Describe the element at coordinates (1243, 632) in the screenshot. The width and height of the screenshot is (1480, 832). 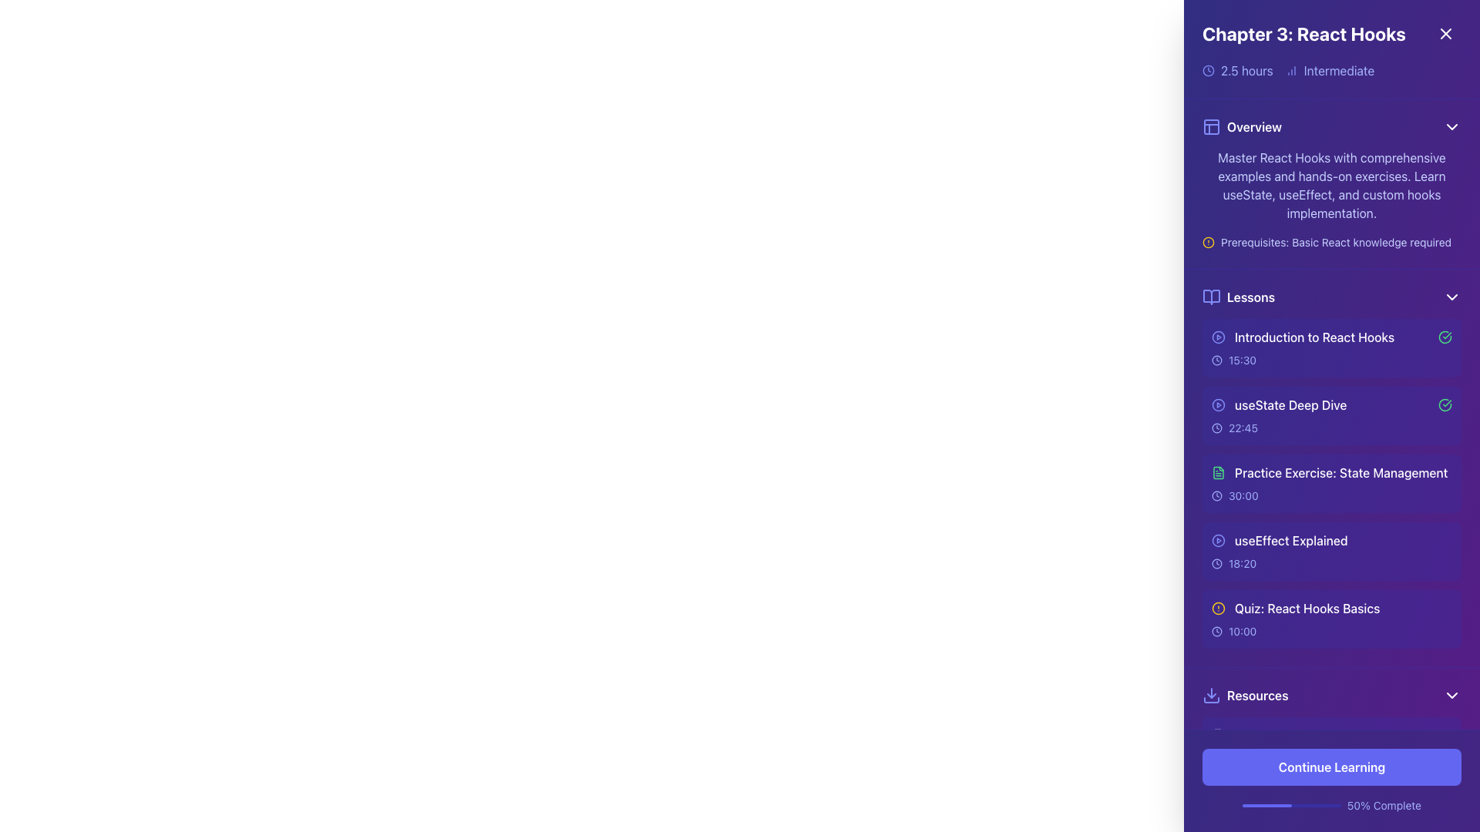
I see `the text label displaying '10:00' styled in light indigo color, positioned within the lessons section of the right-hand panel, aligned with a clock icon on its left` at that location.